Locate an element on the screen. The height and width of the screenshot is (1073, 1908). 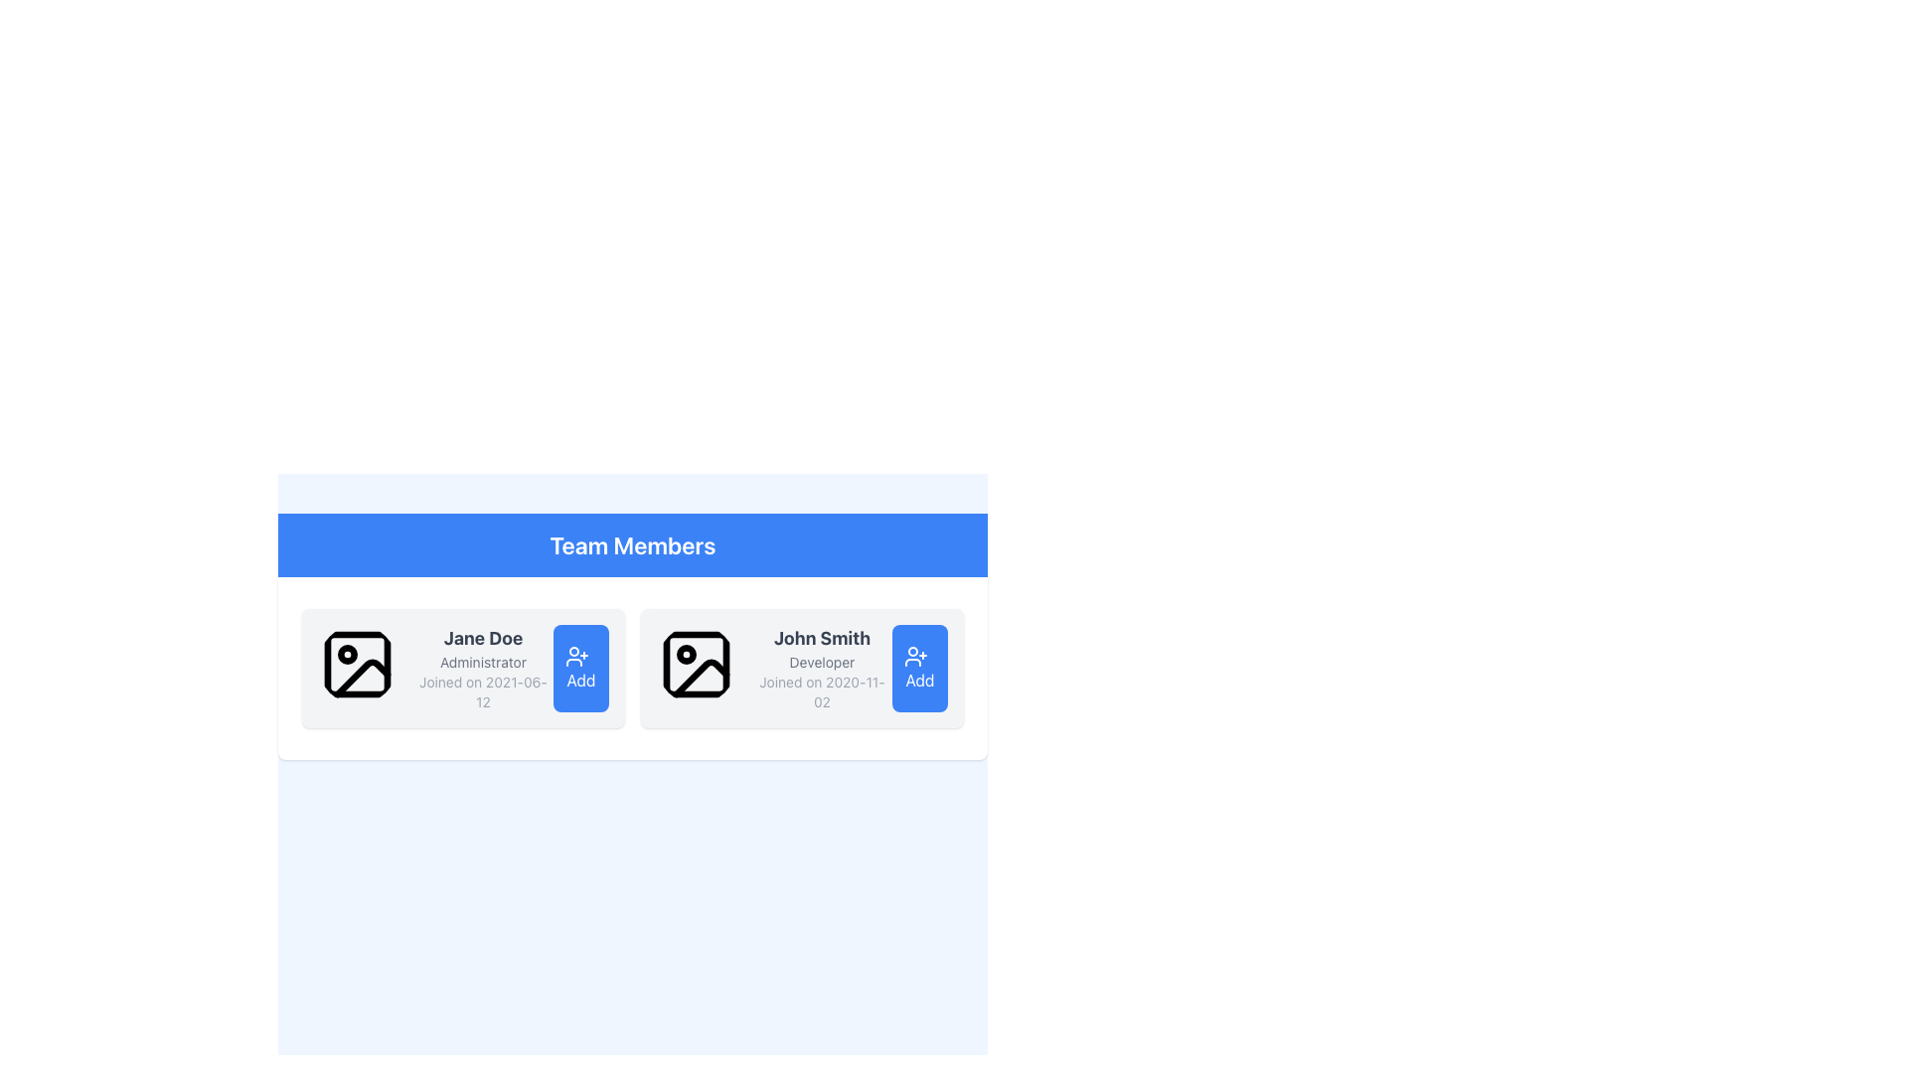
the text label displaying the team member's name for copying, located at the top-left corner of the details card is located at coordinates (483, 639).